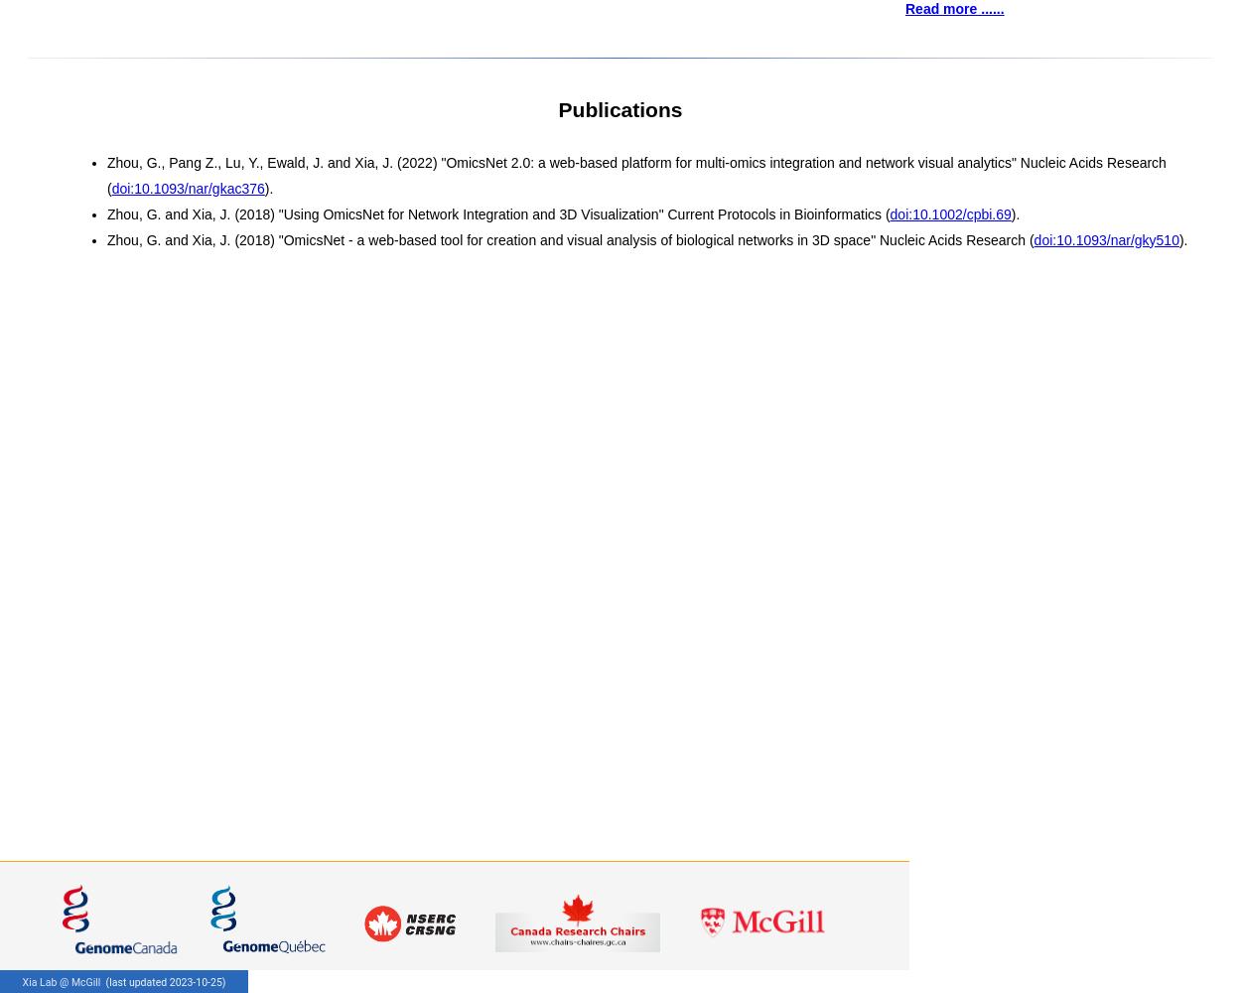  Describe the element at coordinates (62, 981) in the screenshot. I see `'Xia Lab @ McGill'` at that location.